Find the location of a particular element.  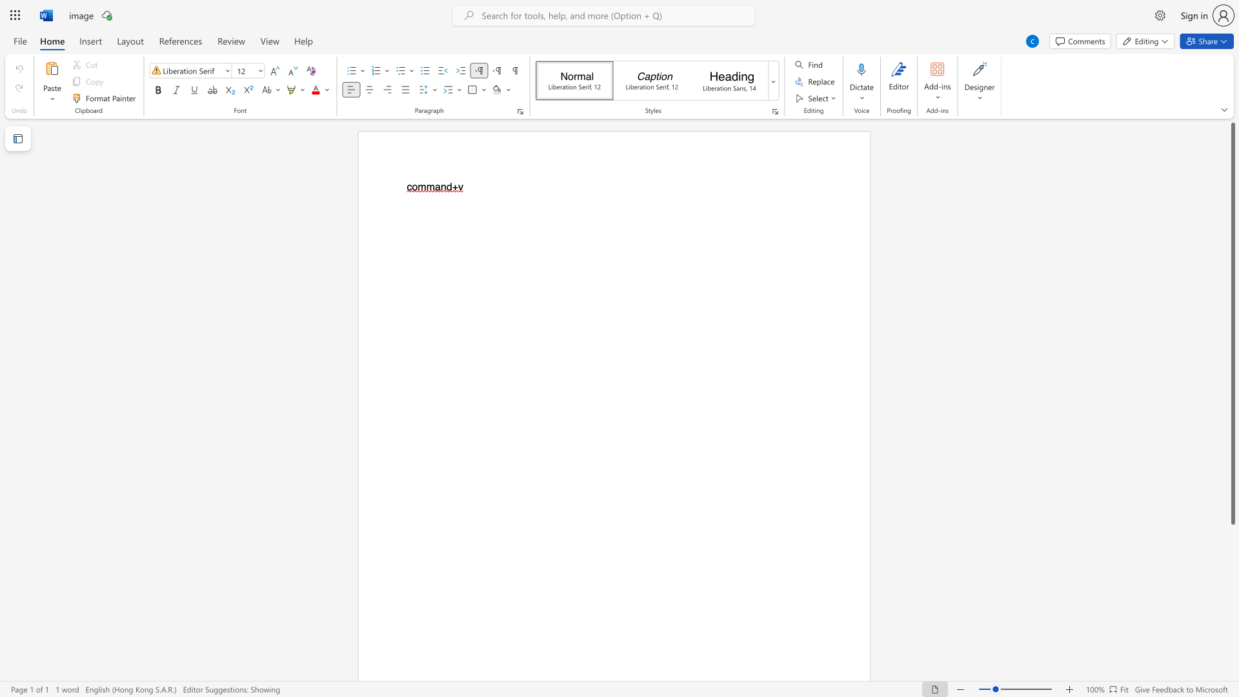

the scrollbar to move the content lower is located at coordinates (1232, 587).